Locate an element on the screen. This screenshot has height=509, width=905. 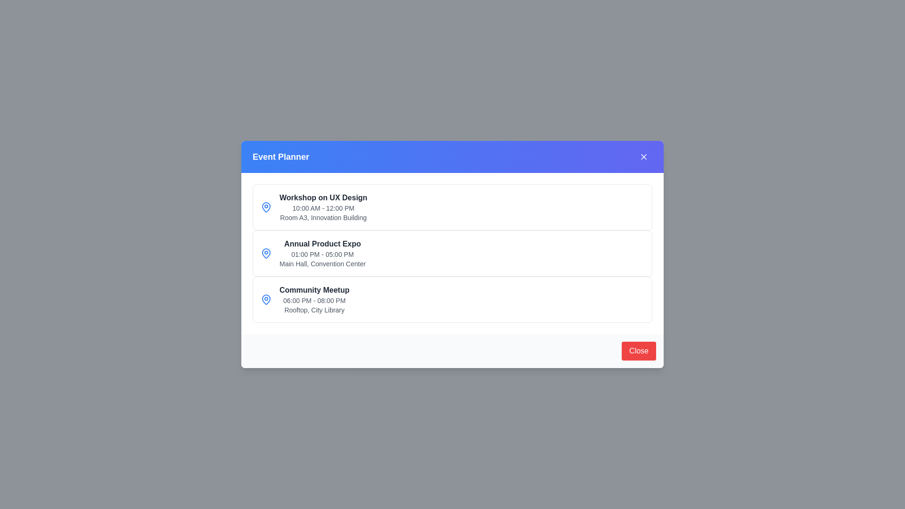
the section corresponding to Workshop on UX Design is located at coordinates (452, 206).